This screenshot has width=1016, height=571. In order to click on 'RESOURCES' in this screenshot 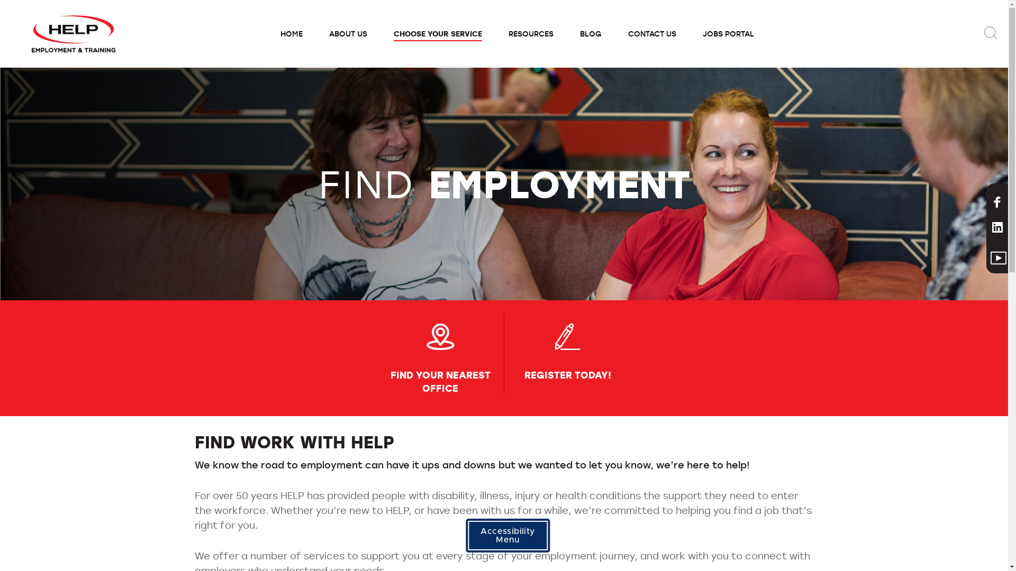, I will do `click(495, 33)`.